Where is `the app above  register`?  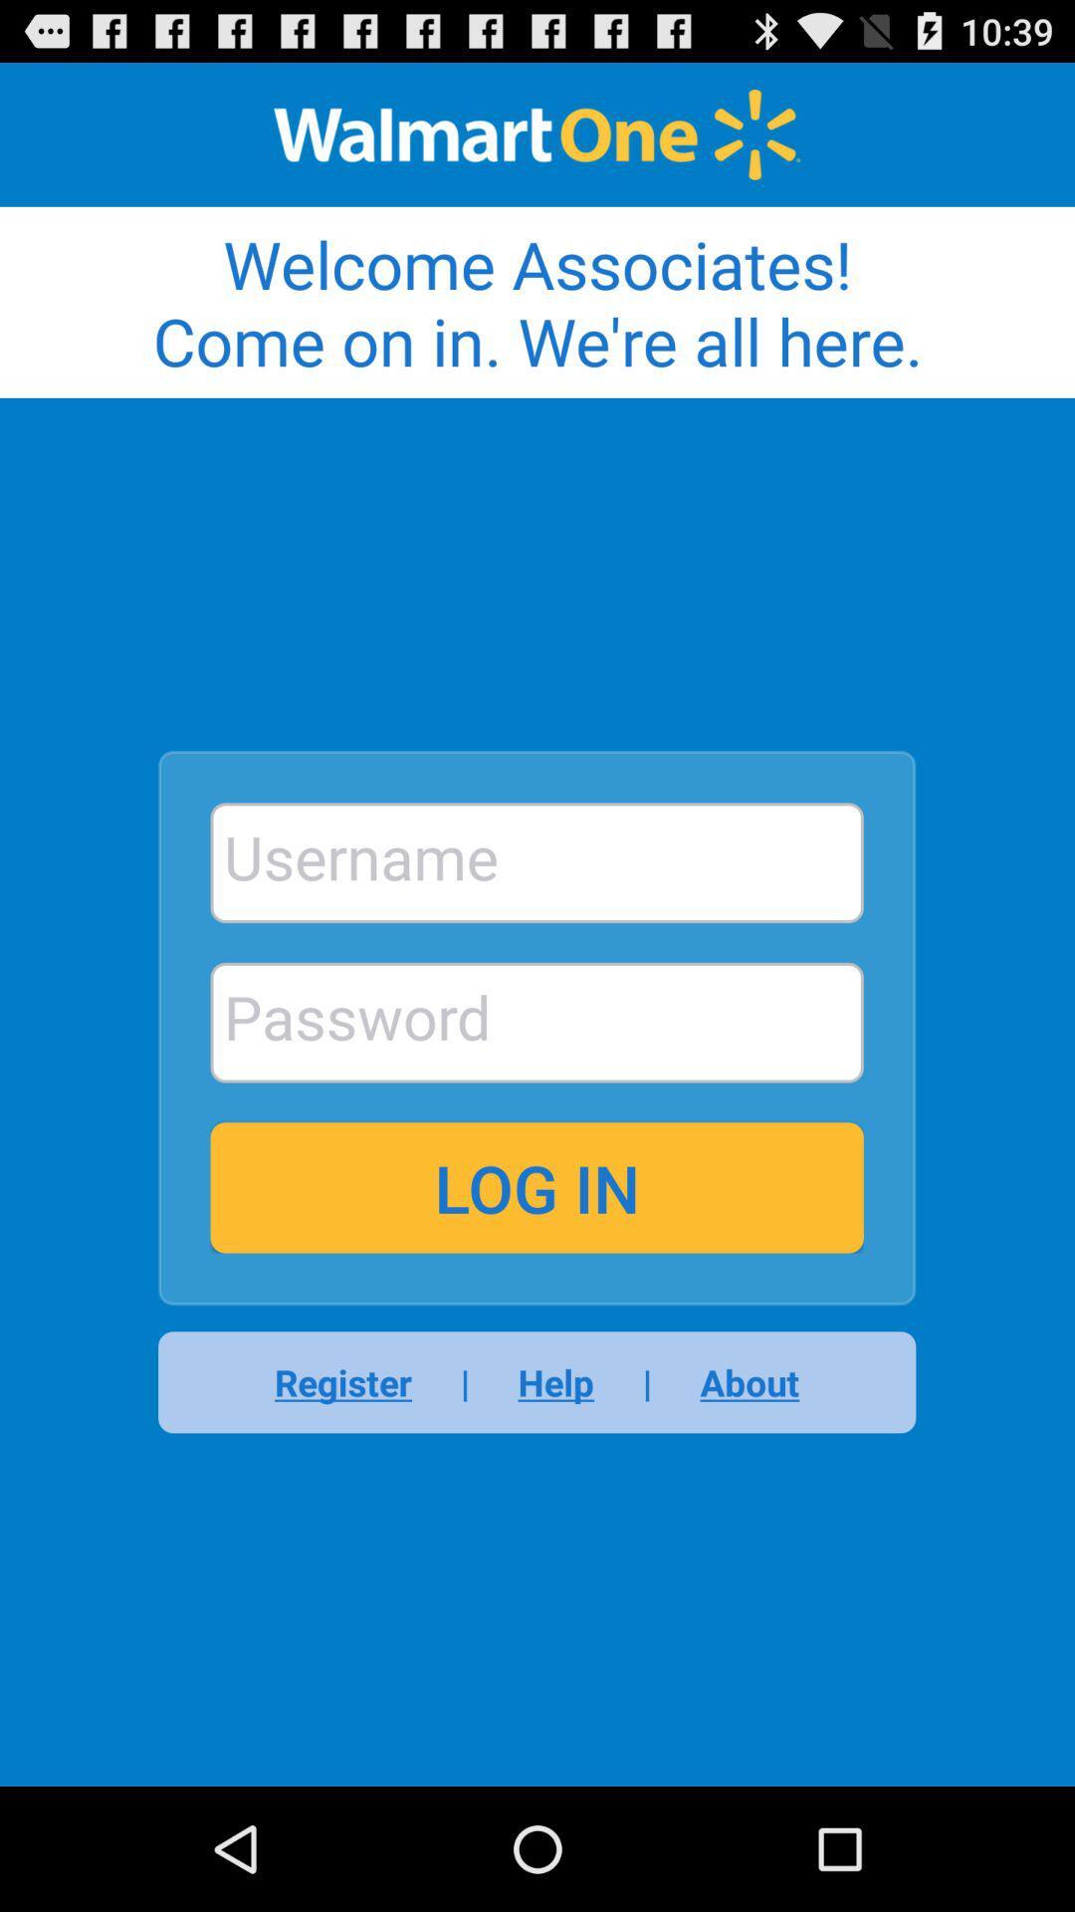
the app above  register is located at coordinates (536, 1187).